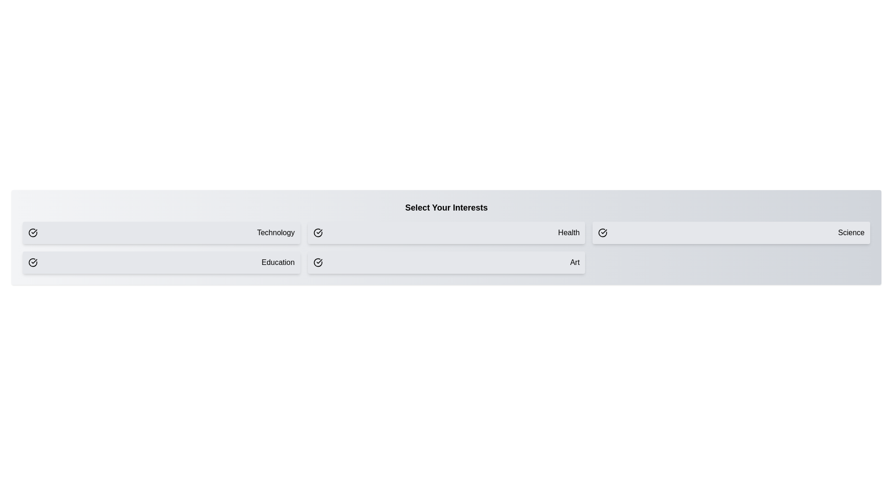 The image size is (893, 502). I want to click on the button corresponding to the interest Technology to toggle its selection, so click(161, 232).